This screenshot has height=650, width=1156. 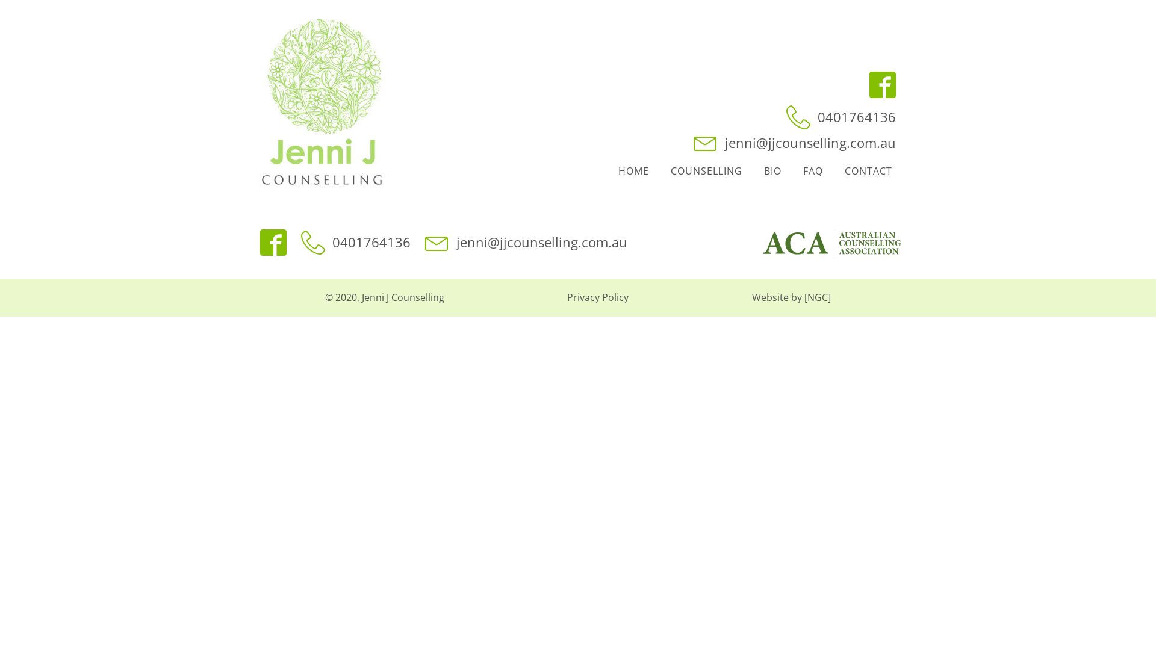 I want to click on 'COUNSELLING', so click(x=659, y=172).